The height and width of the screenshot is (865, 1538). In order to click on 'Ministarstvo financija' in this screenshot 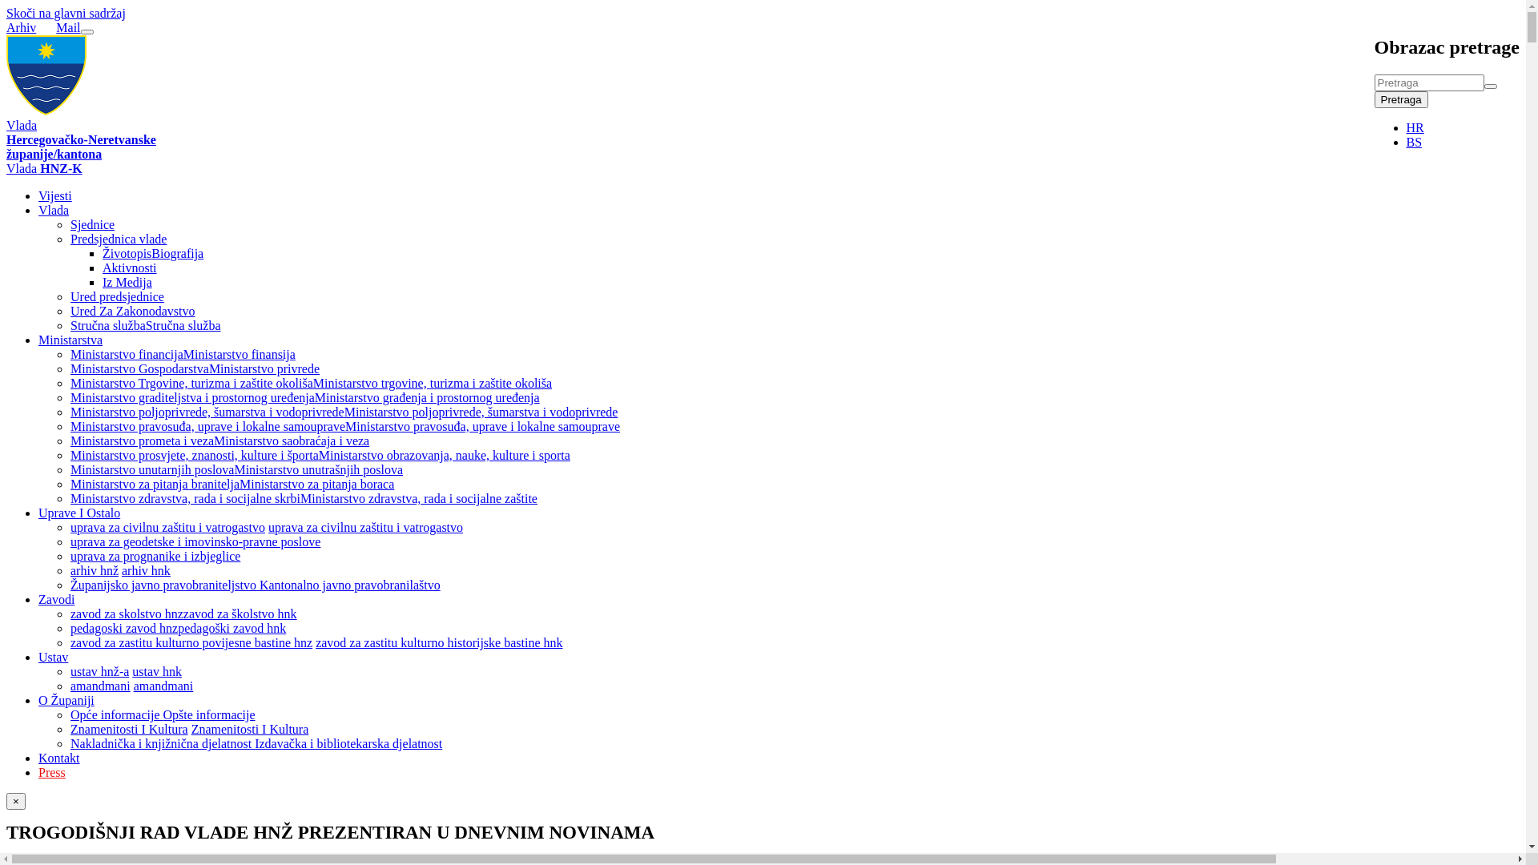, I will do `click(126, 353)`.